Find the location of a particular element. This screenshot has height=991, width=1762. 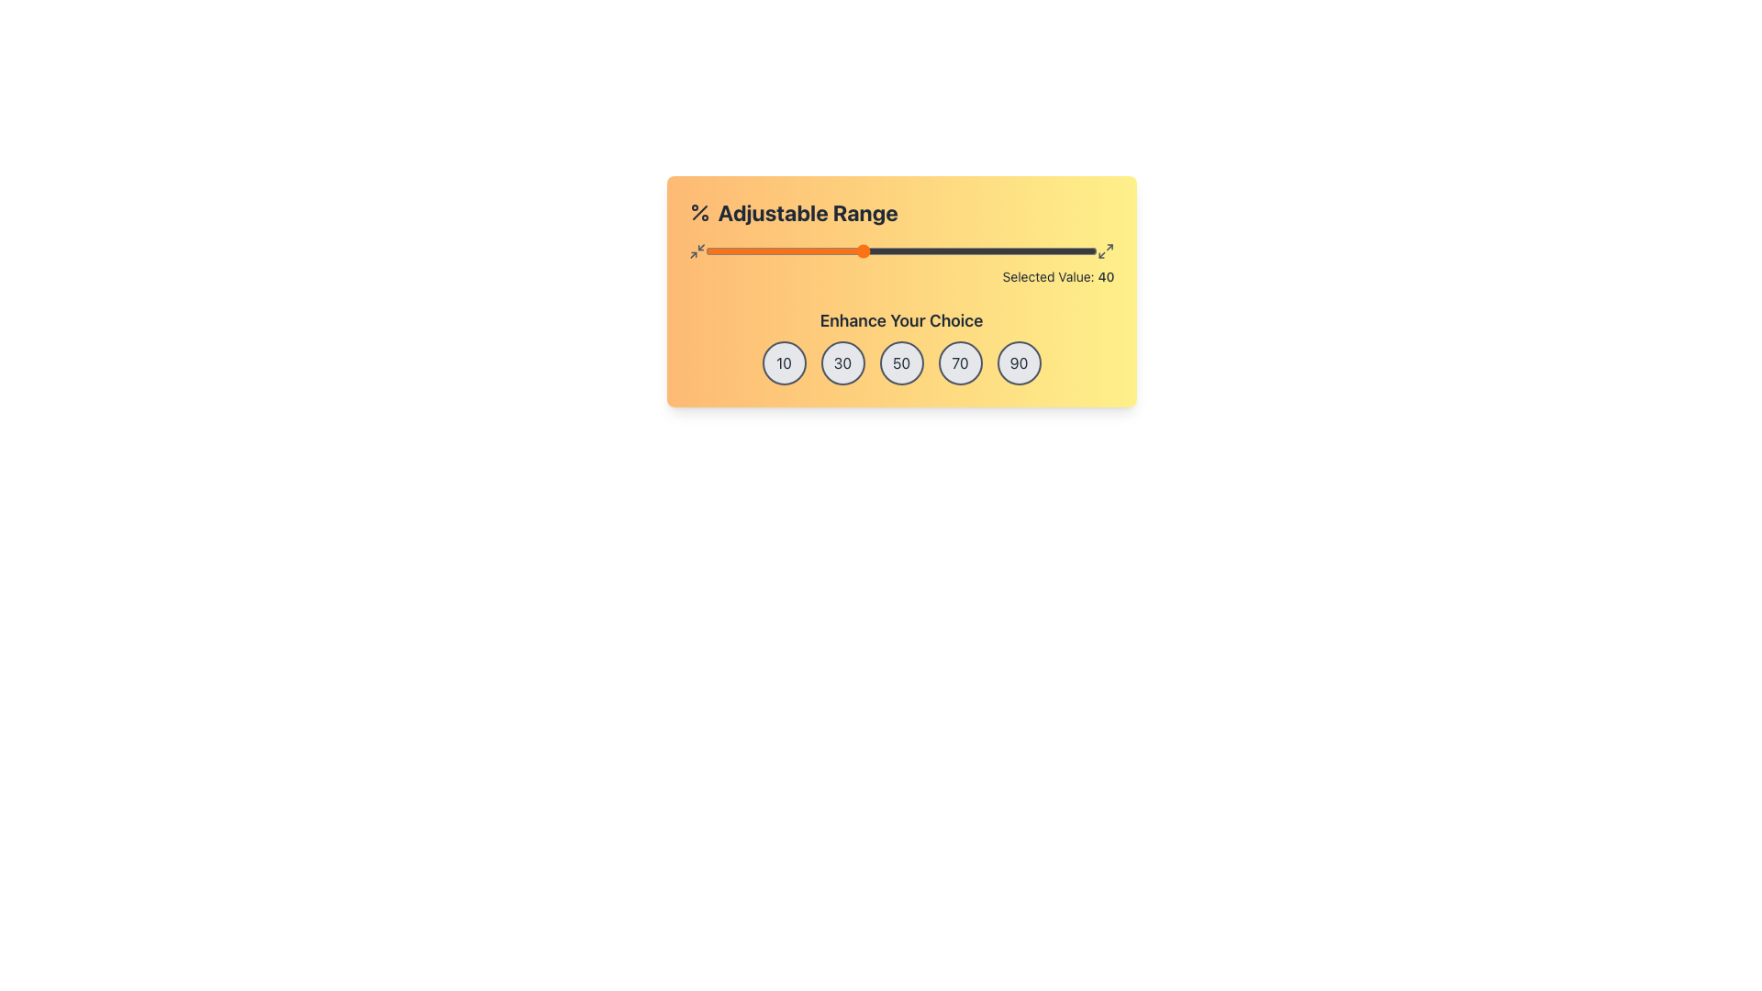

the slider value is located at coordinates (1031, 251).